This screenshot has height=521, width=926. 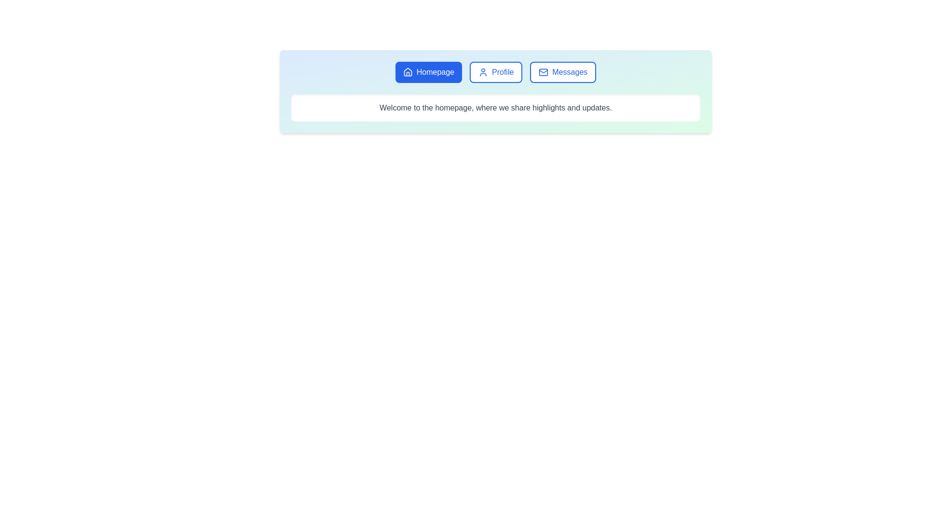 I want to click on the Homepage tab, so click(x=428, y=72).